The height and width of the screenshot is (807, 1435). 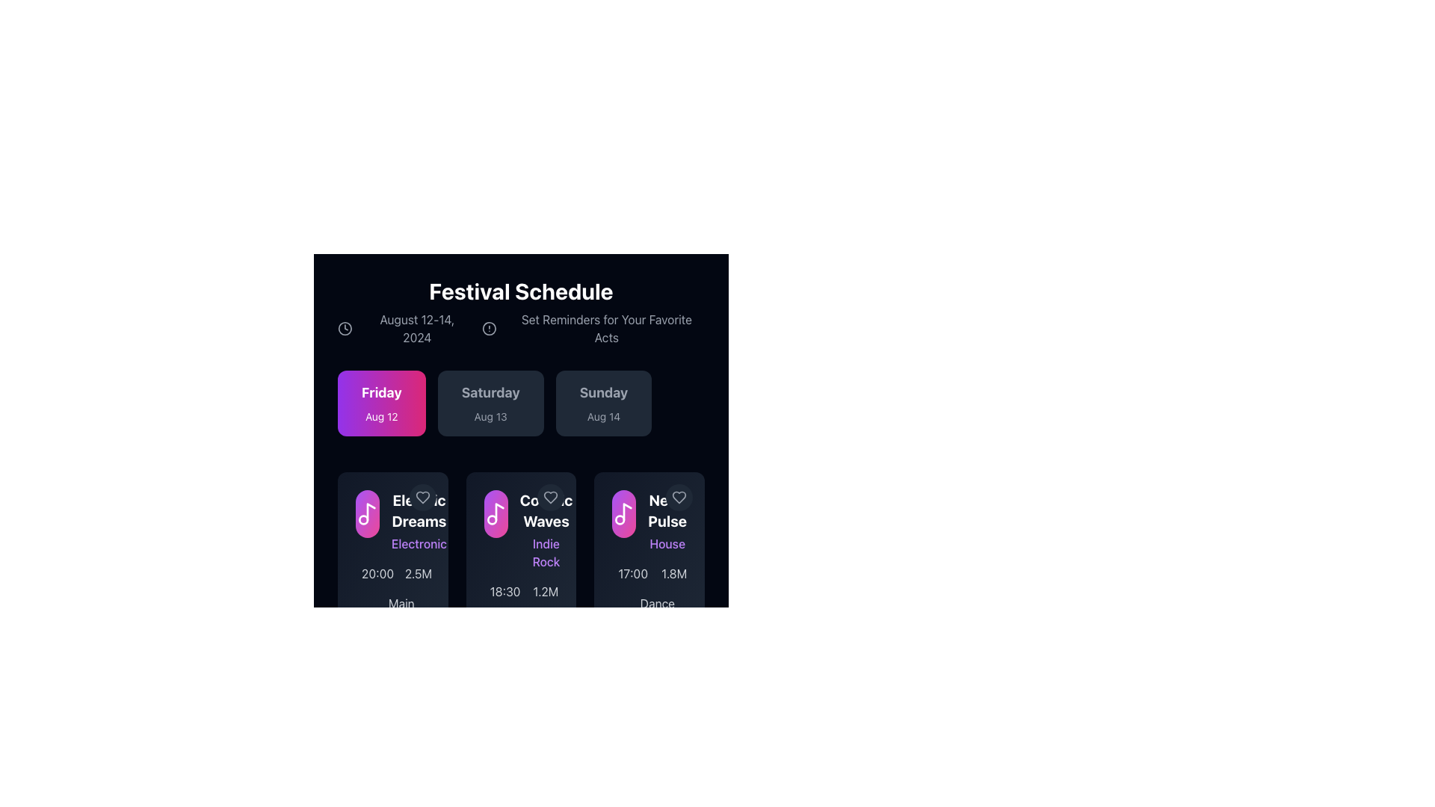 I want to click on the circular heart icon with a dark gray background located at the top-right corner of the 'Cosmic Waves' event card, so click(x=550, y=498).